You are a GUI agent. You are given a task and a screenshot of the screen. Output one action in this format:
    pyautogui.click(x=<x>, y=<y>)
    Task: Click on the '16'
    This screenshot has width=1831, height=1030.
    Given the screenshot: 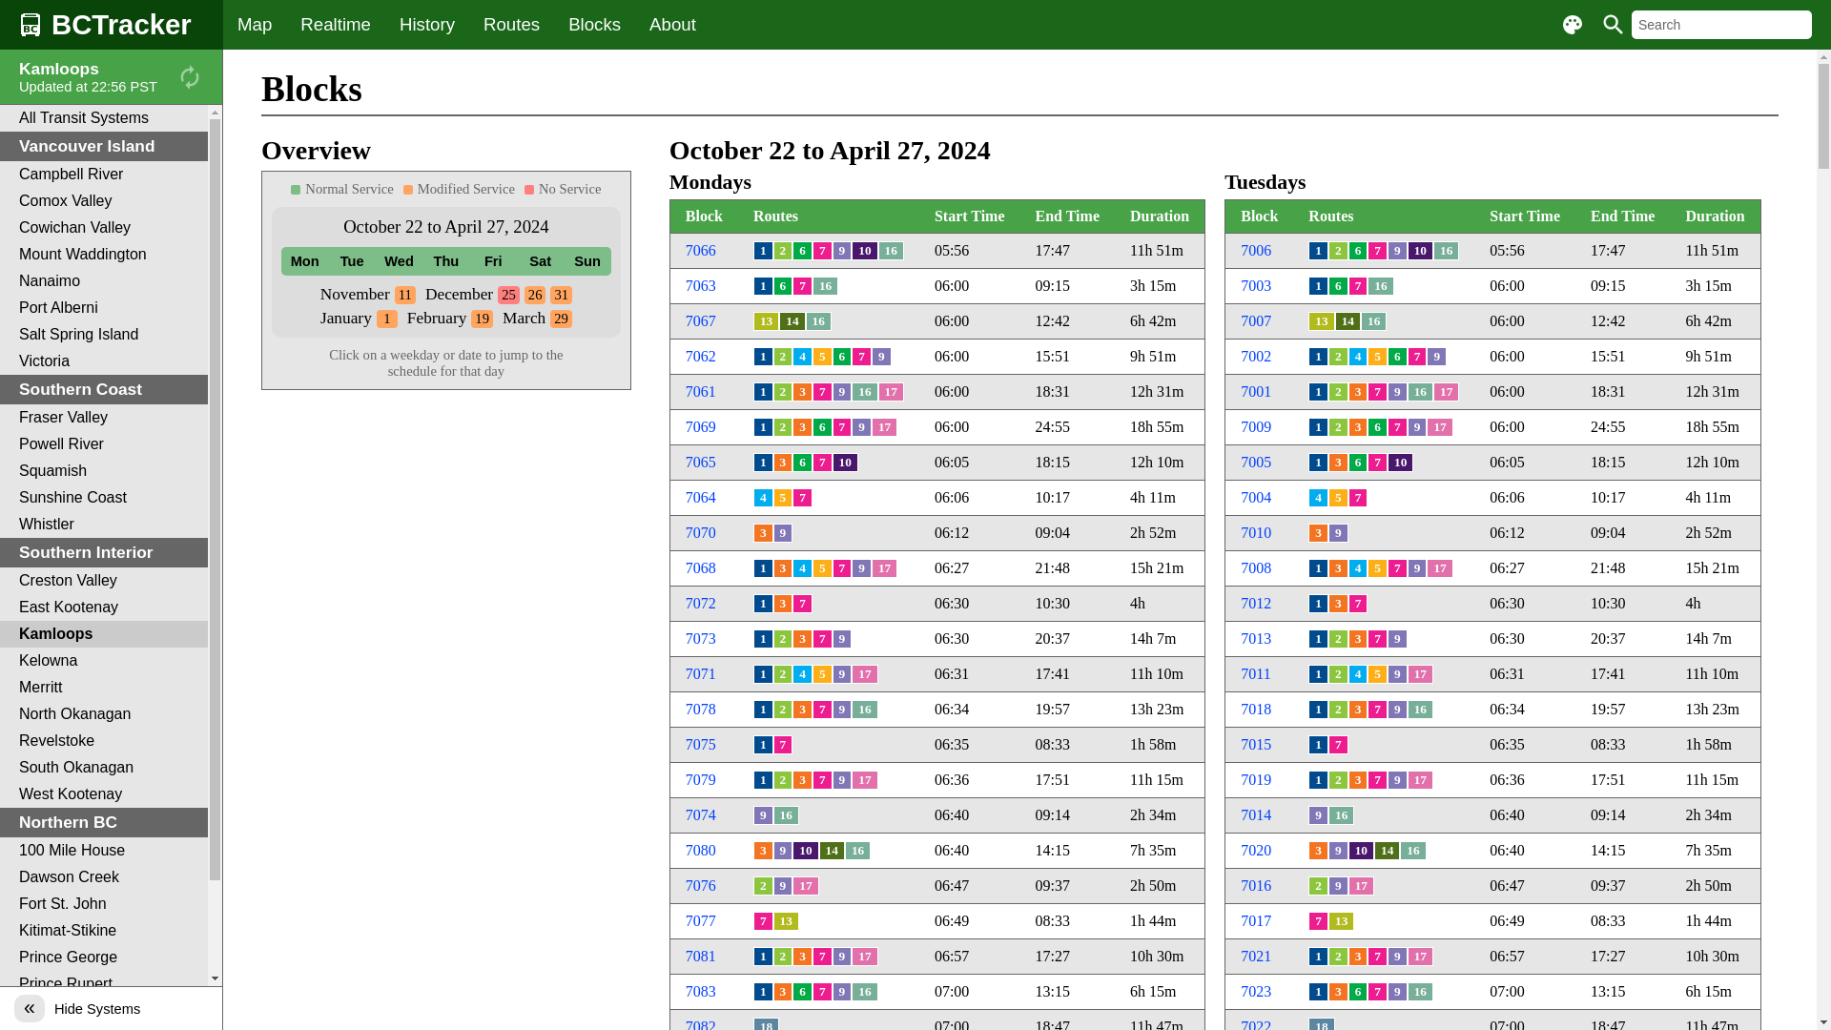 What is the action you would take?
    pyautogui.click(x=850, y=391)
    